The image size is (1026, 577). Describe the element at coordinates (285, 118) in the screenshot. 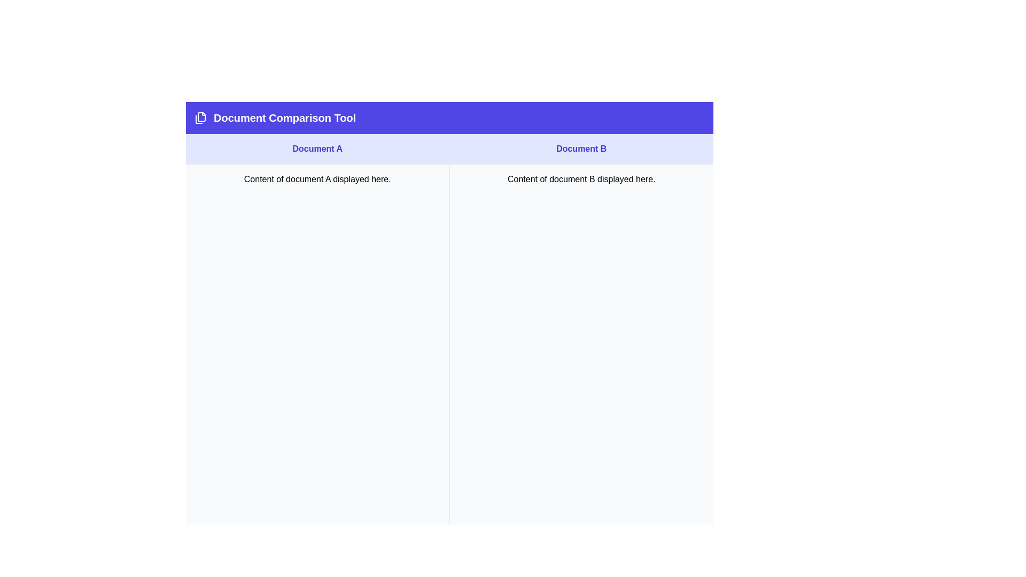

I see `the 'Document Comparison Tool' label positioned in the top horizontal purple bar of the interface` at that location.